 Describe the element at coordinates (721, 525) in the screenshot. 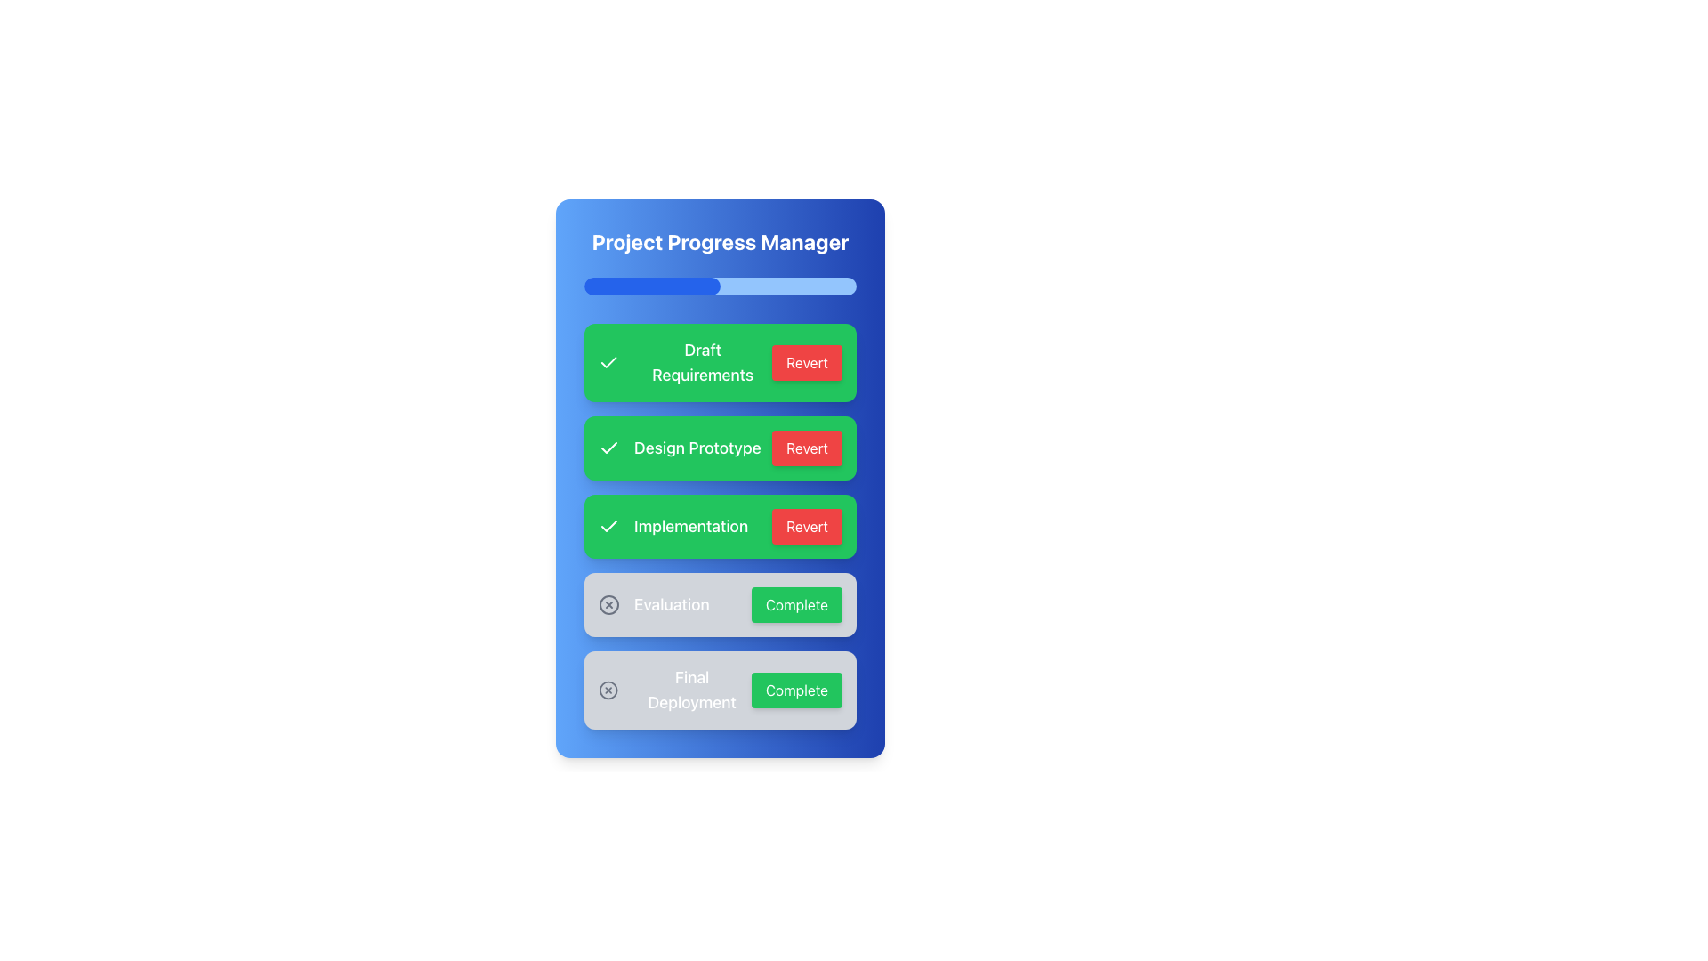

I see `the 'Implementation' label in the green rectangular box` at that location.